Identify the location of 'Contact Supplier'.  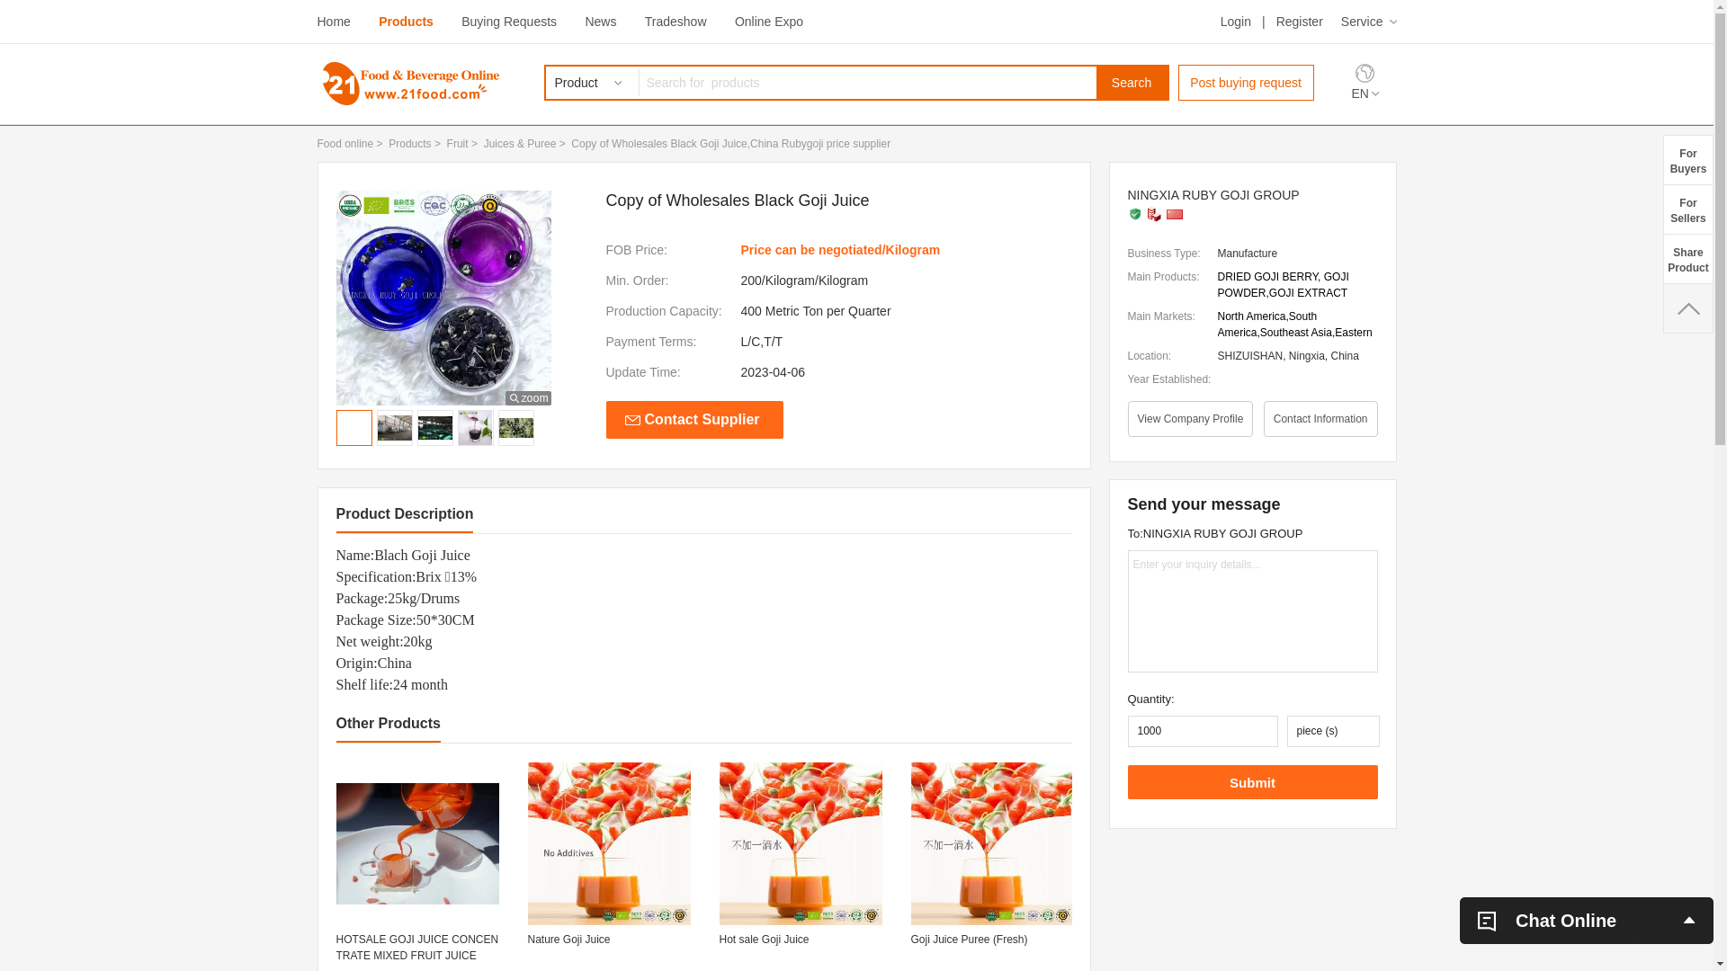
(693, 419).